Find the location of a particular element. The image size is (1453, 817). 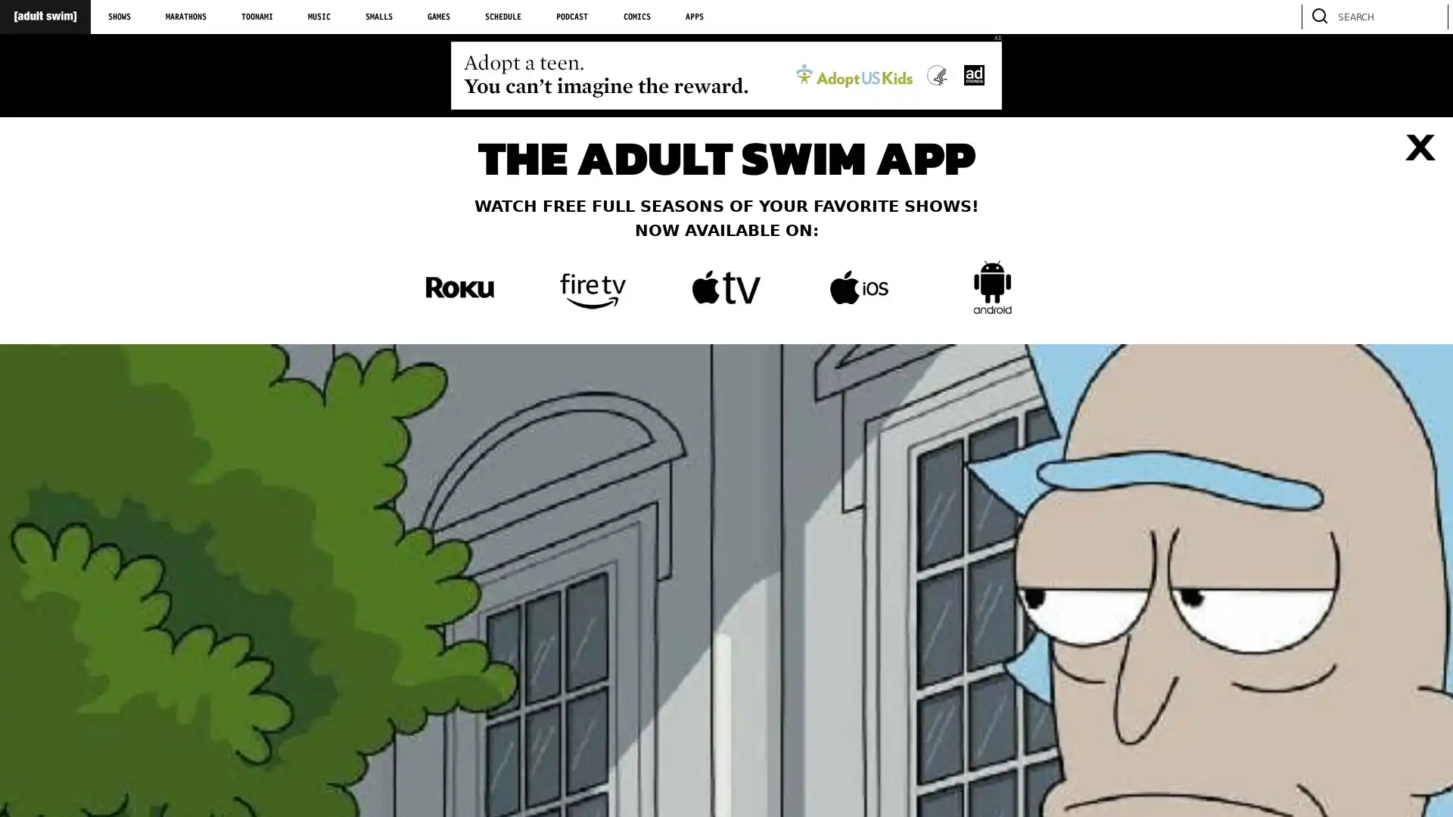

Close list of apps is located at coordinates (1419, 147).